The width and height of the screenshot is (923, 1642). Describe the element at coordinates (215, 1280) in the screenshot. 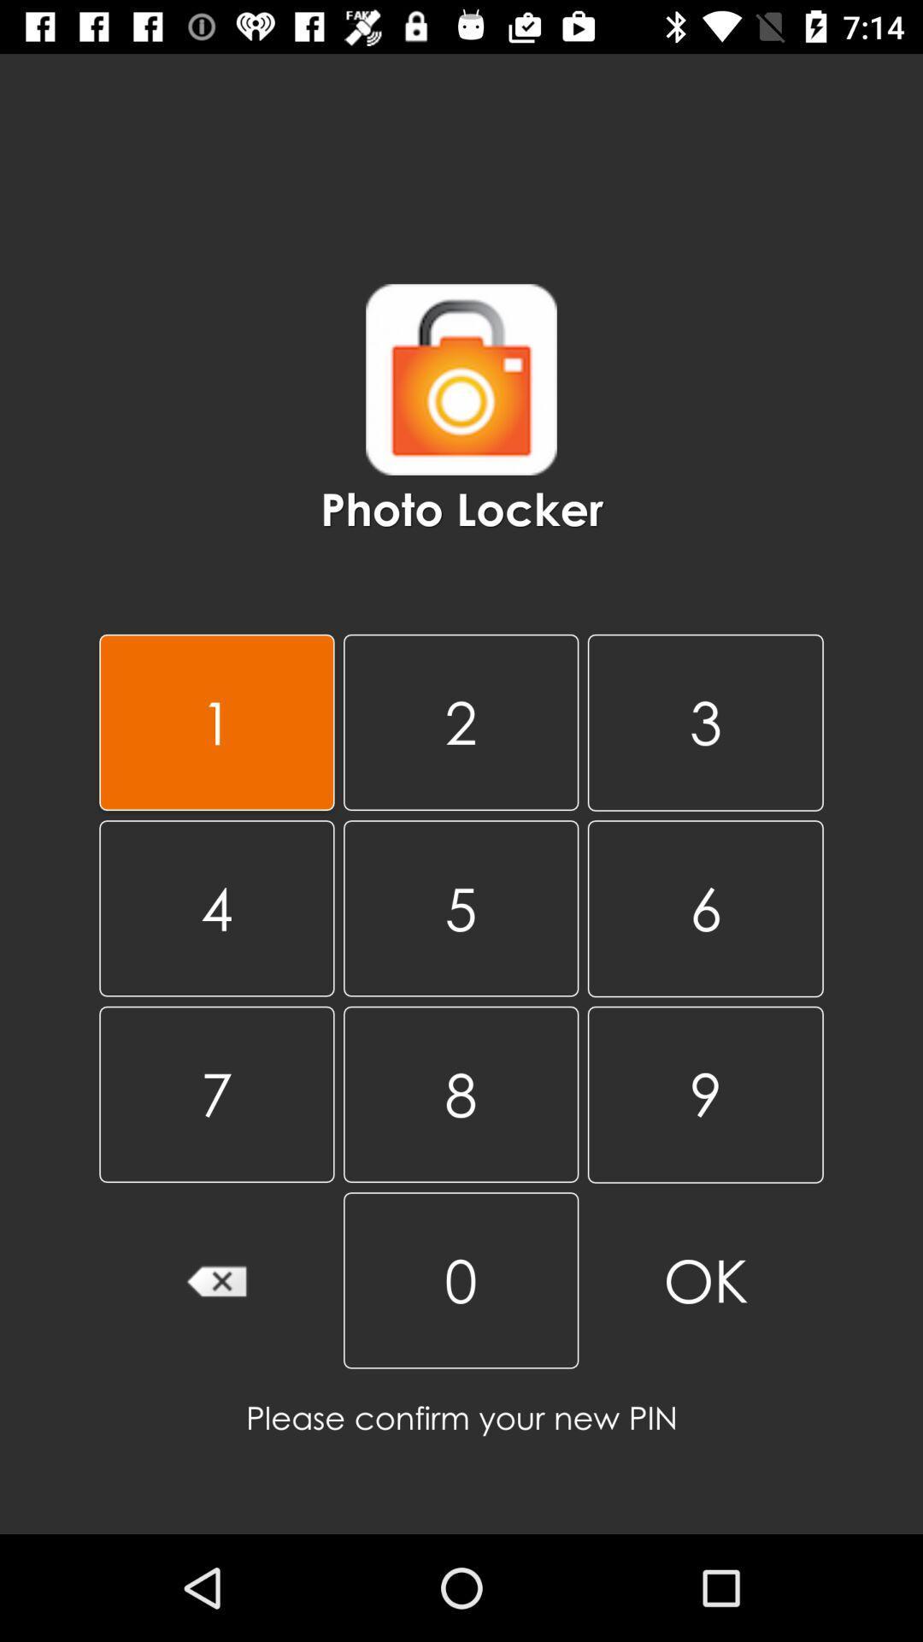

I see `the item next to the 8 item` at that location.